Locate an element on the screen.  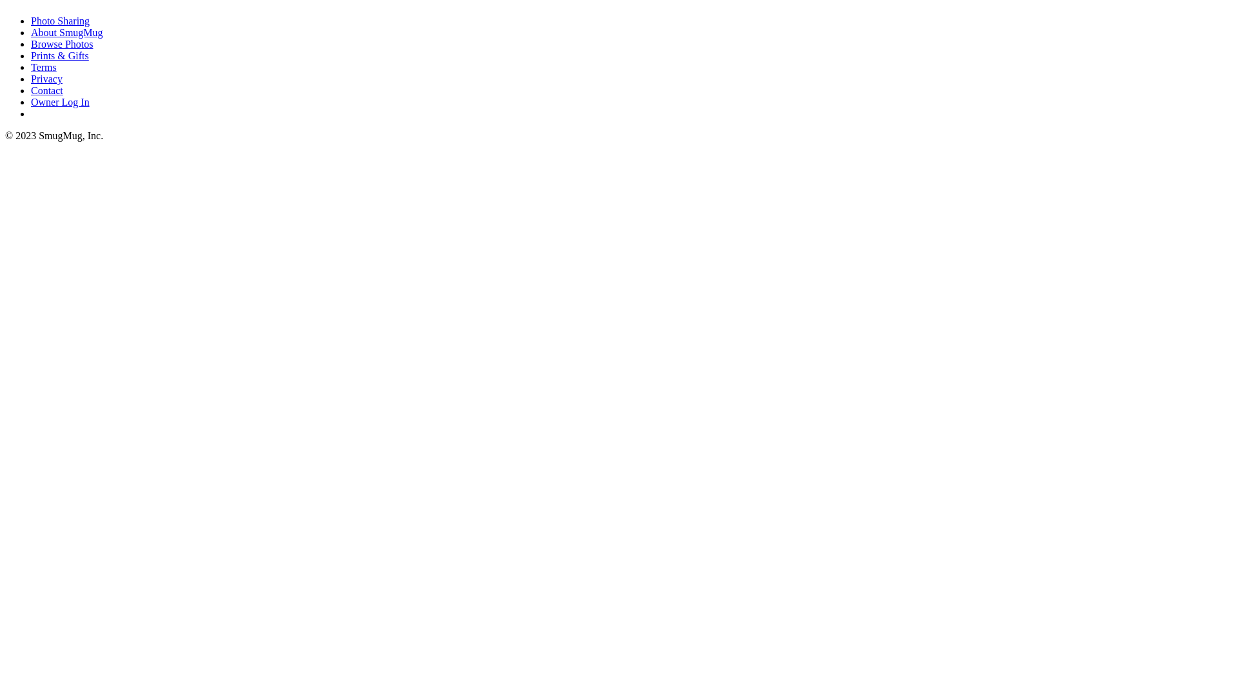
'Terms' is located at coordinates (43, 67).